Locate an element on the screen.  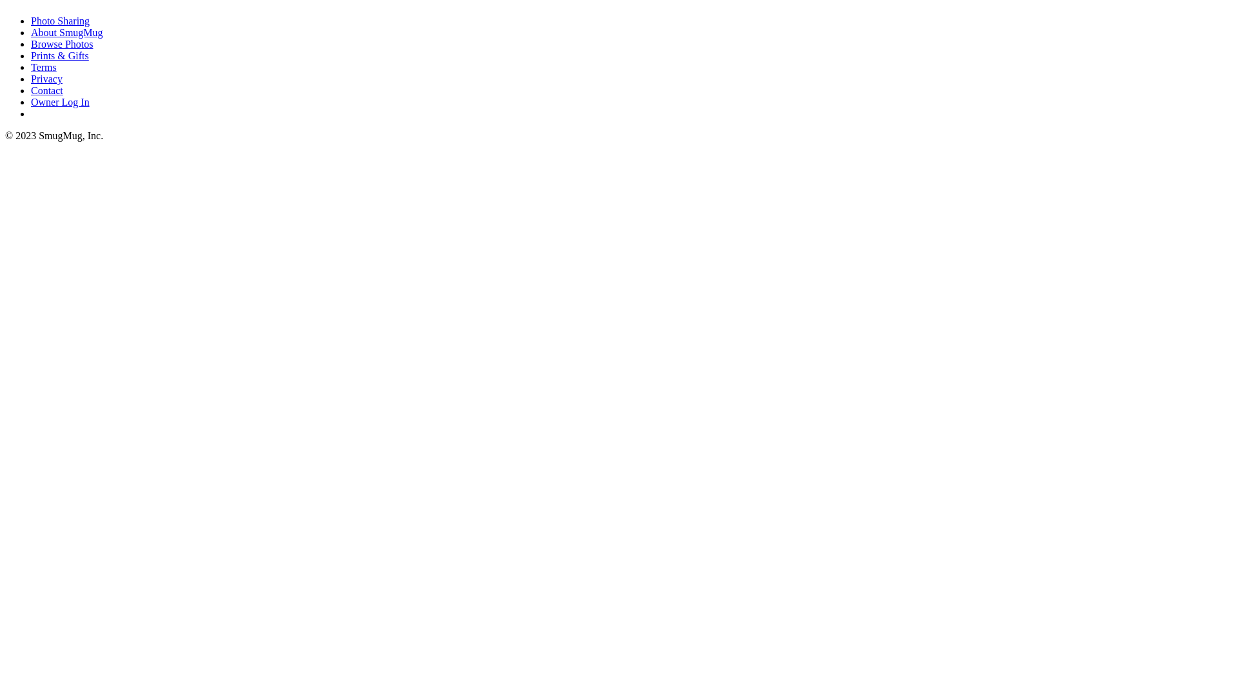
'Terms' is located at coordinates (43, 67).